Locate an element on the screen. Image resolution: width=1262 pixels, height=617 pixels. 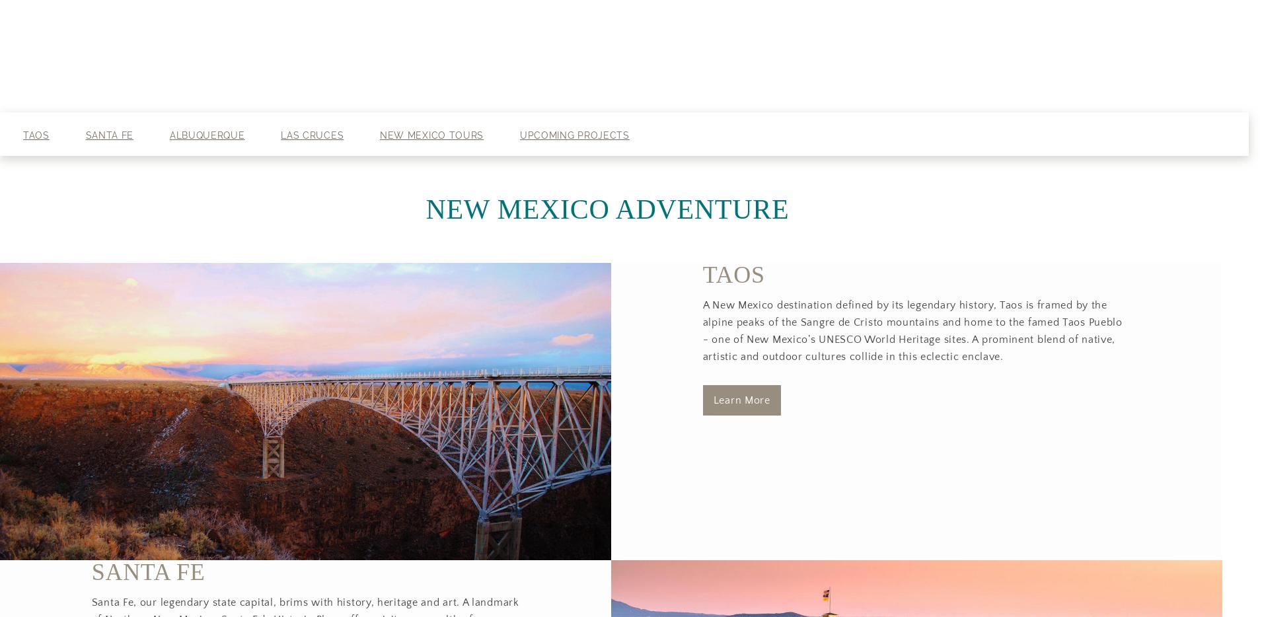
'​Learn More' is located at coordinates (741, 399).